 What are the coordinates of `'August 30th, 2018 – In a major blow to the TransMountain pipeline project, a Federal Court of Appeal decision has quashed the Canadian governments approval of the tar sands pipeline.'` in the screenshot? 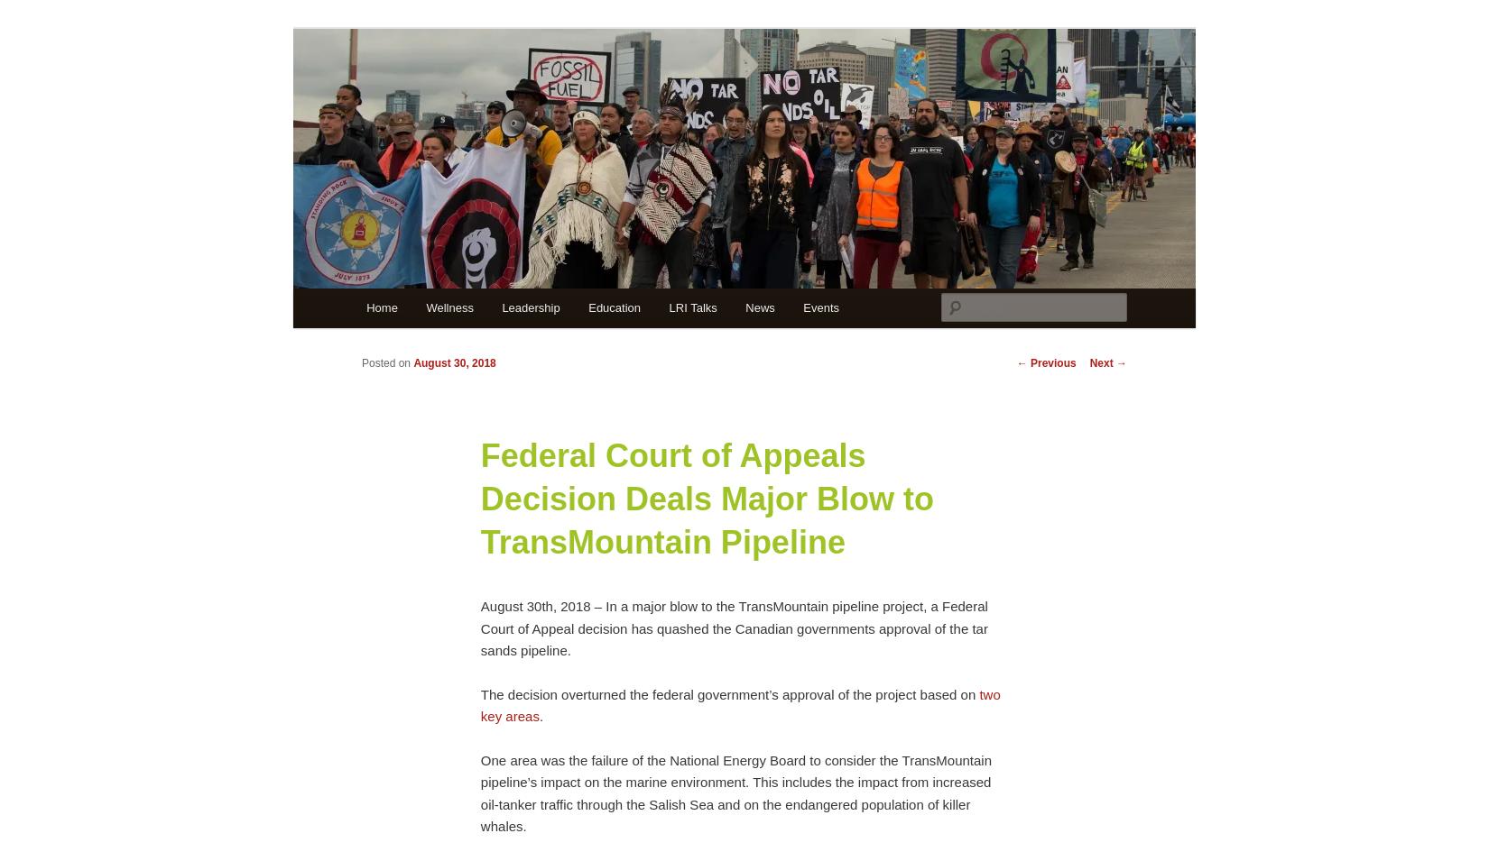 It's located at (478, 627).